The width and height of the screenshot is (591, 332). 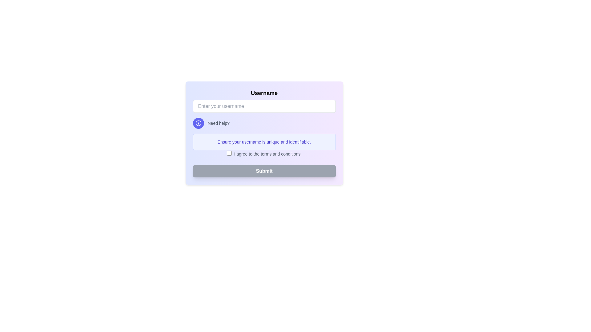 What do you see at coordinates (198, 123) in the screenshot?
I see `the circular outline of the SVG icon located left of the 'Need help?' text within the form card` at bounding box center [198, 123].